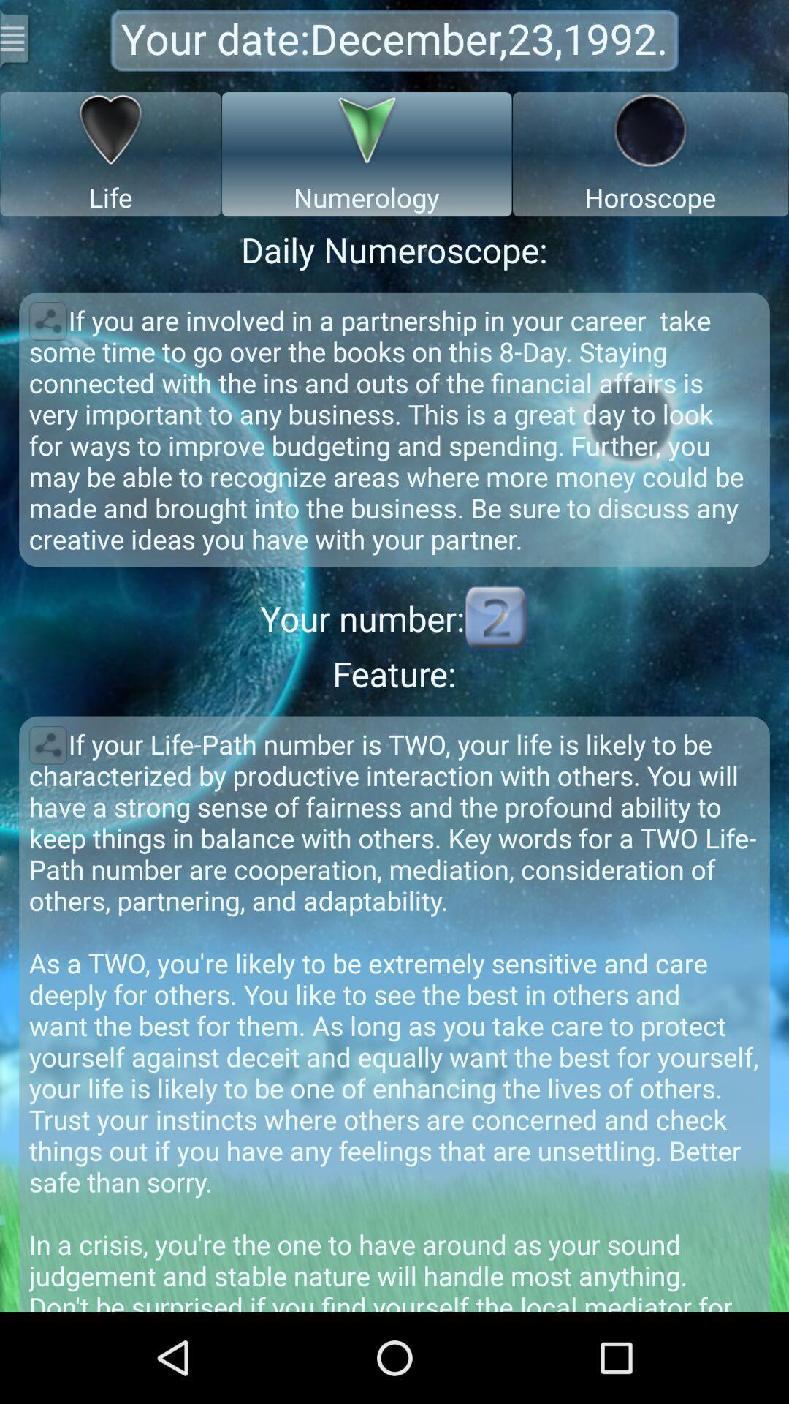 Image resolution: width=789 pixels, height=1404 pixels. Describe the element at coordinates (47, 796) in the screenshot. I see `the share icon` at that location.